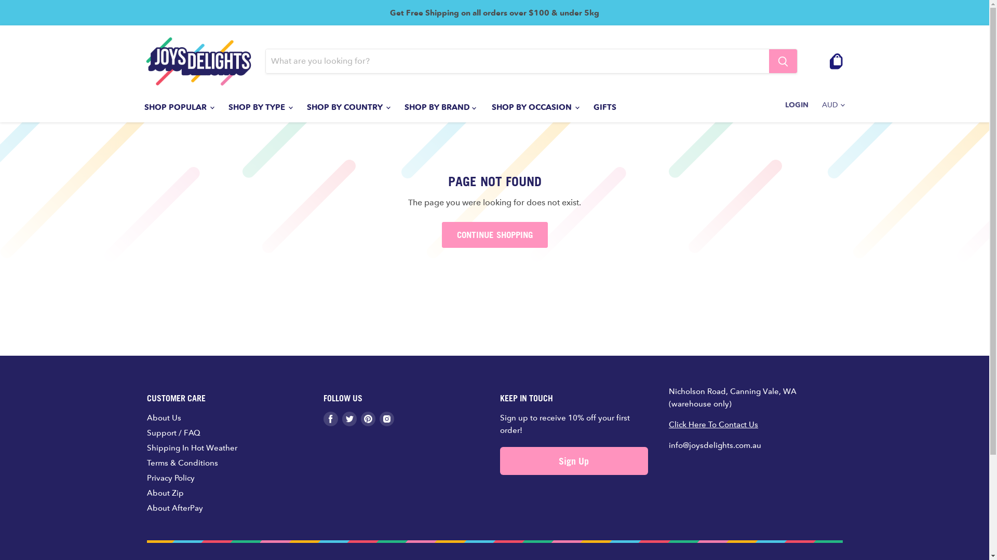  Describe the element at coordinates (164, 492) in the screenshot. I see `'About Zip'` at that location.